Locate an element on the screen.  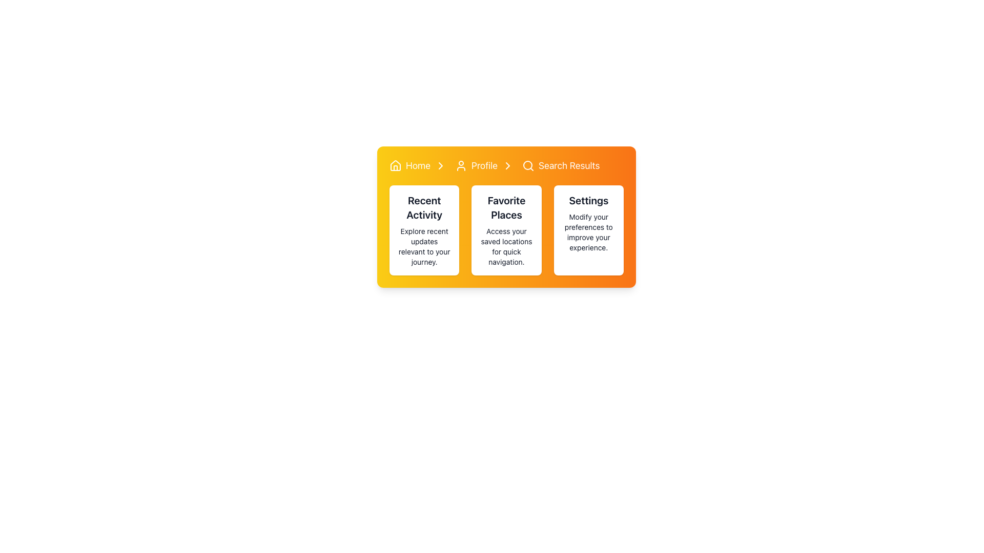
the door representation, which is a small vertical rectangle located at the bottom center of the house-shaped icon in the top navigation bar is located at coordinates (395, 167).